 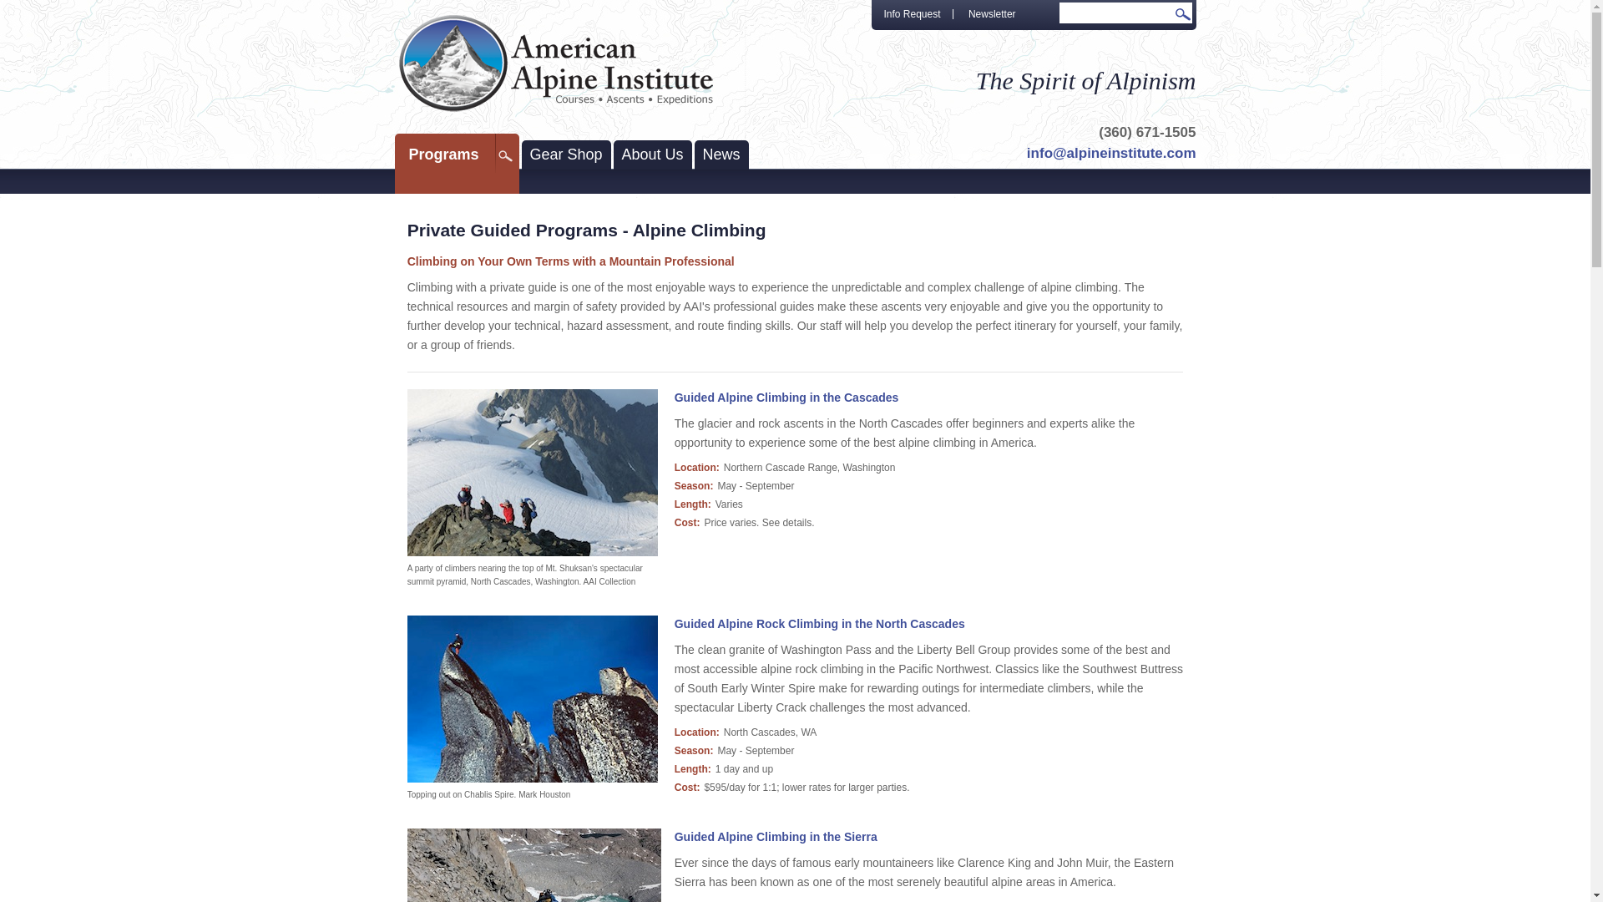 What do you see at coordinates (532, 699) in the screenshot?
I see `'Guided Alpine Rock Climbing in the North Cascades'` at bounding box center [532, 699].